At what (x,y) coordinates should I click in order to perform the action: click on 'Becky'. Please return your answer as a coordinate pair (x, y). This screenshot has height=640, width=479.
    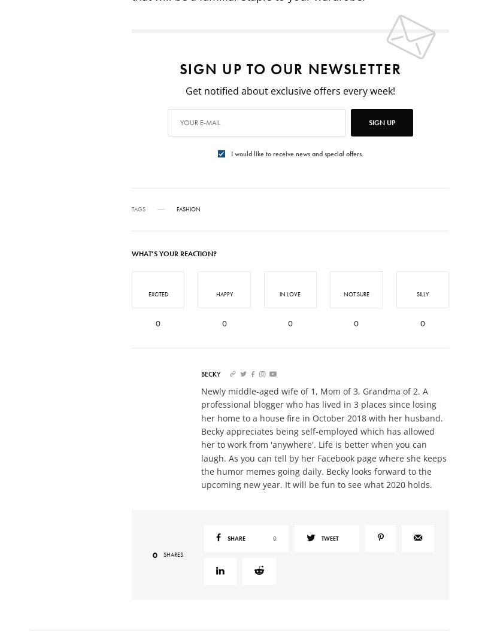
    Looking at the image, I should click on (201, 373).